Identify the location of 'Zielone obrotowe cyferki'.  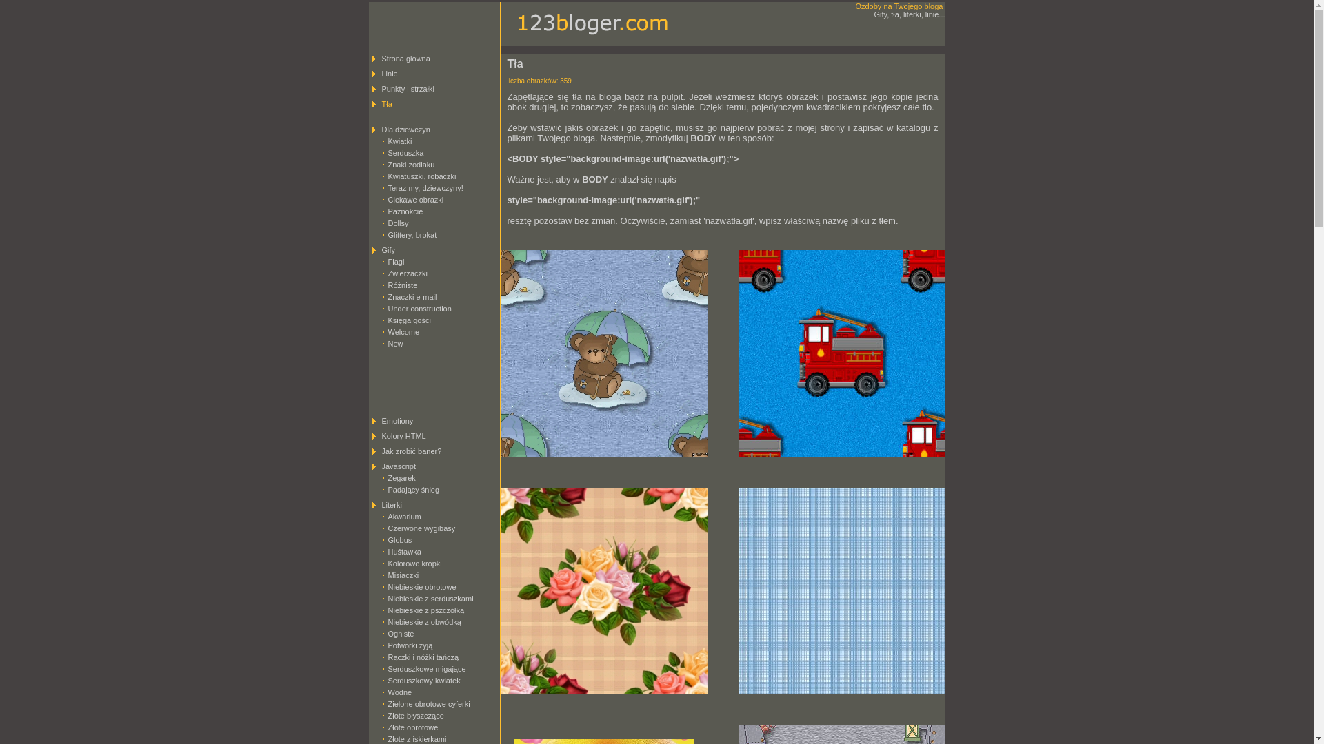
(428, 704).